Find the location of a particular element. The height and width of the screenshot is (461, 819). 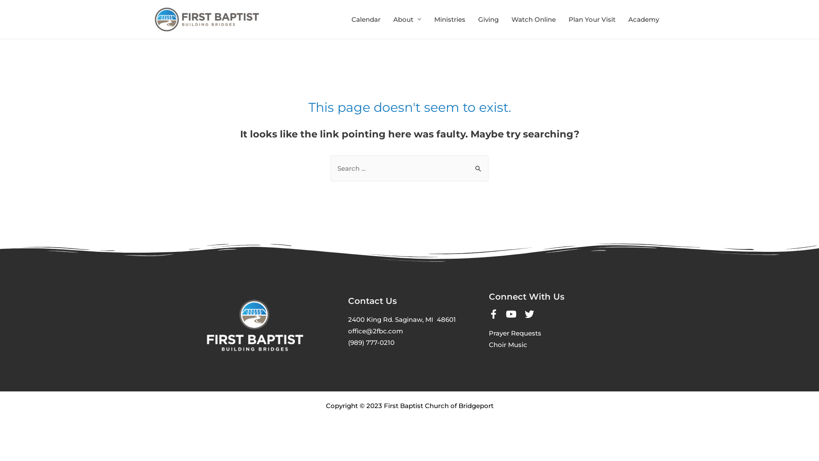

'Prayer Requests' is located at coordinates (489, 333).